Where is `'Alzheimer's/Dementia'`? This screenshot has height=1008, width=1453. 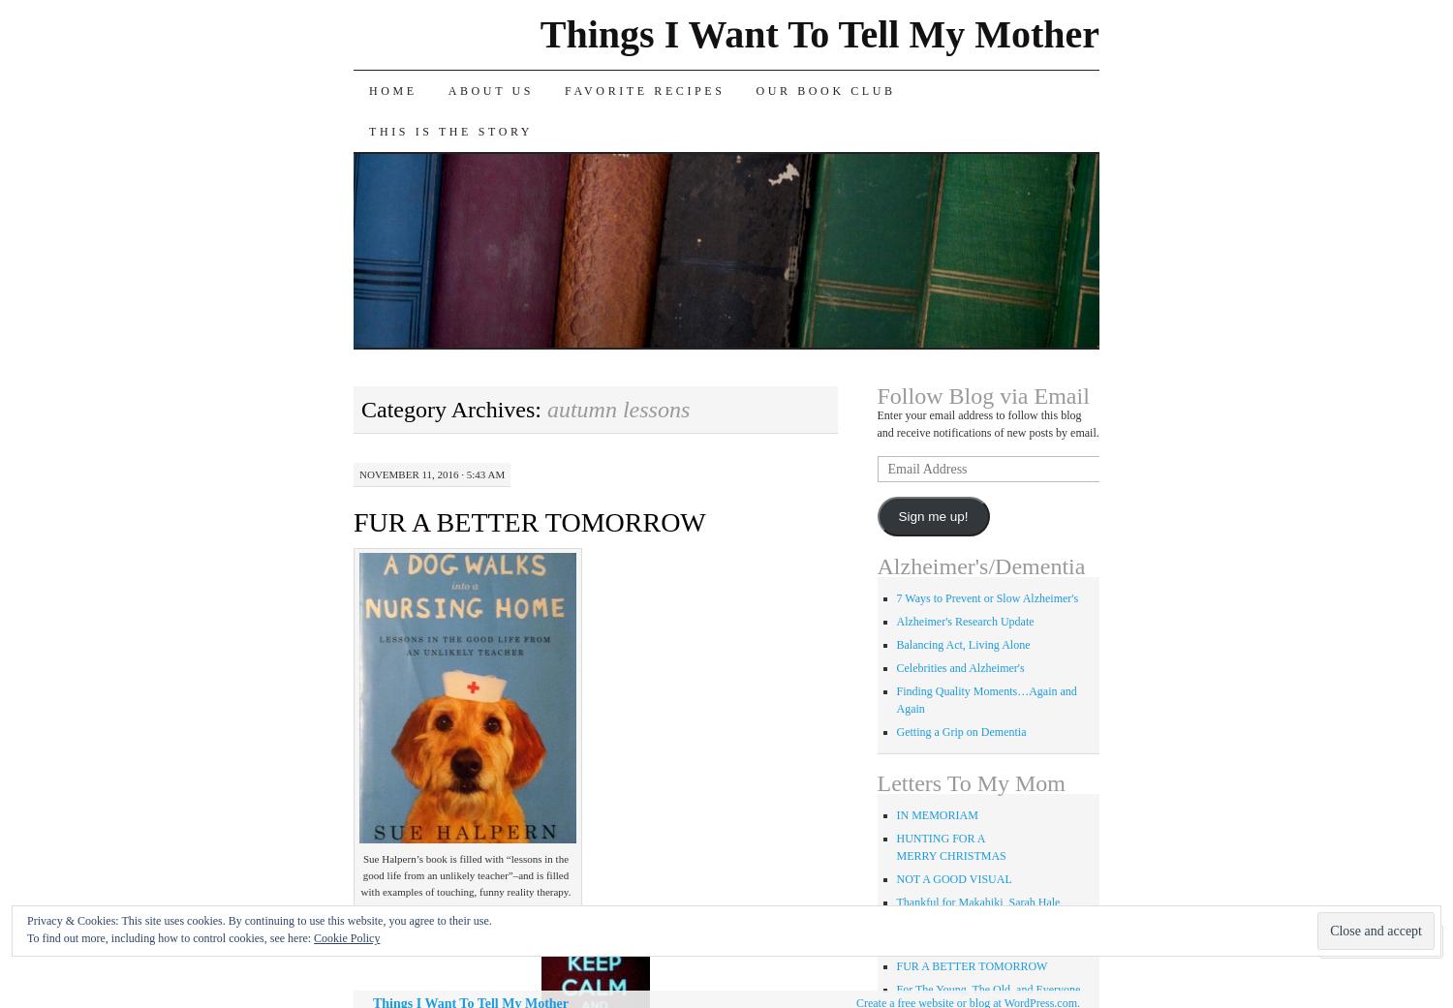 'Alzheimer's/Dementia' is located at coordinates (980, 565).